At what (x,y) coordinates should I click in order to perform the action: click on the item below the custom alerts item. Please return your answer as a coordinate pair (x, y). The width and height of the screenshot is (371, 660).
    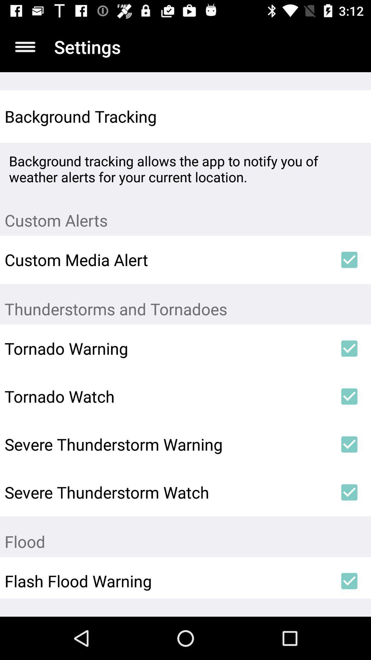
    Looking at the image, I should click on (349, 259).